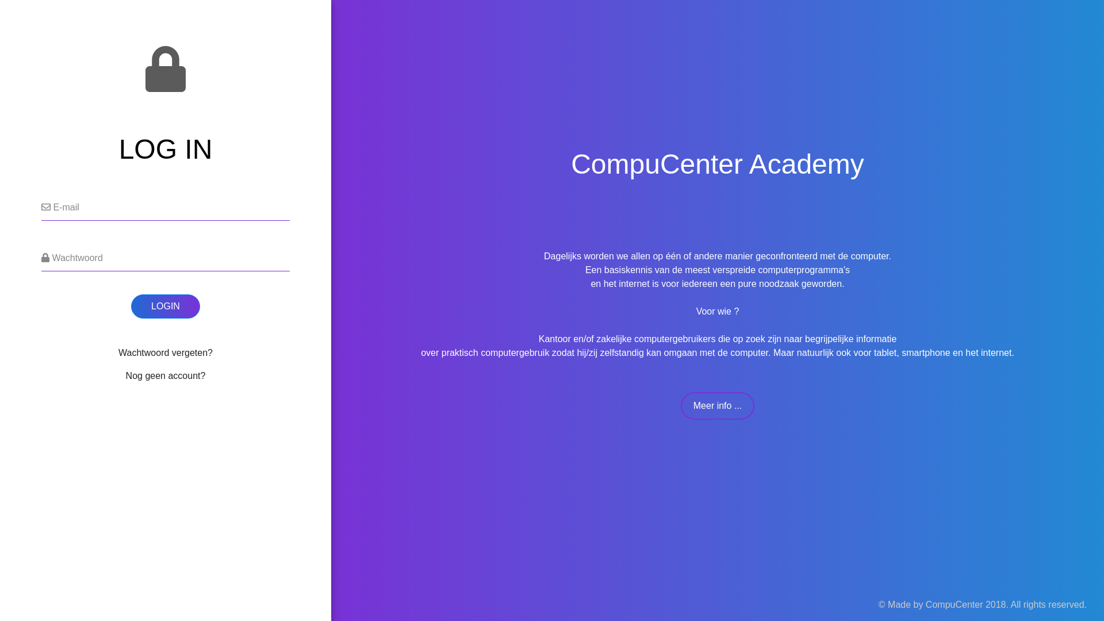  Describe the element at coordinates (165, 305) in the screenshot. I see `'LOGIN'` at that location.